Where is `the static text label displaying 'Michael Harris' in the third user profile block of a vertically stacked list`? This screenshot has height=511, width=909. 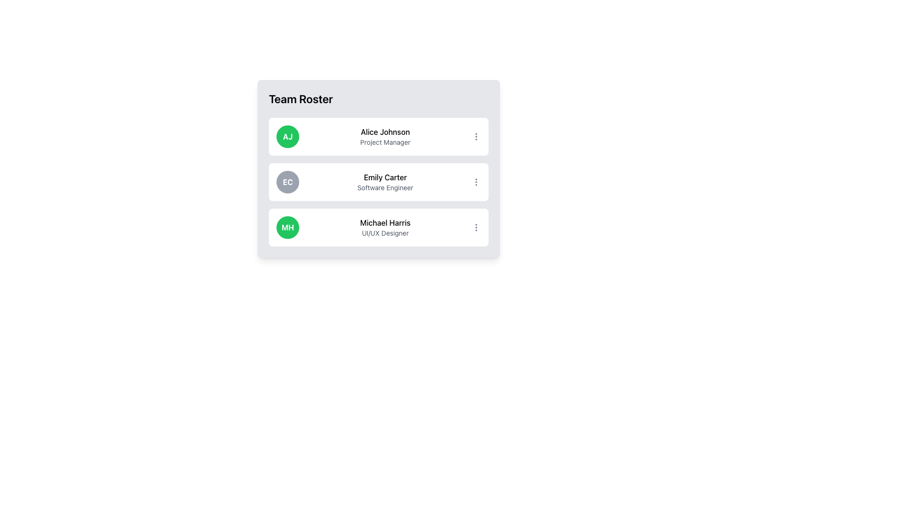
the static text label displaying 'Michael Harris' in the third user profile block of a vertically stacked list is located at coordinates (385, 222).